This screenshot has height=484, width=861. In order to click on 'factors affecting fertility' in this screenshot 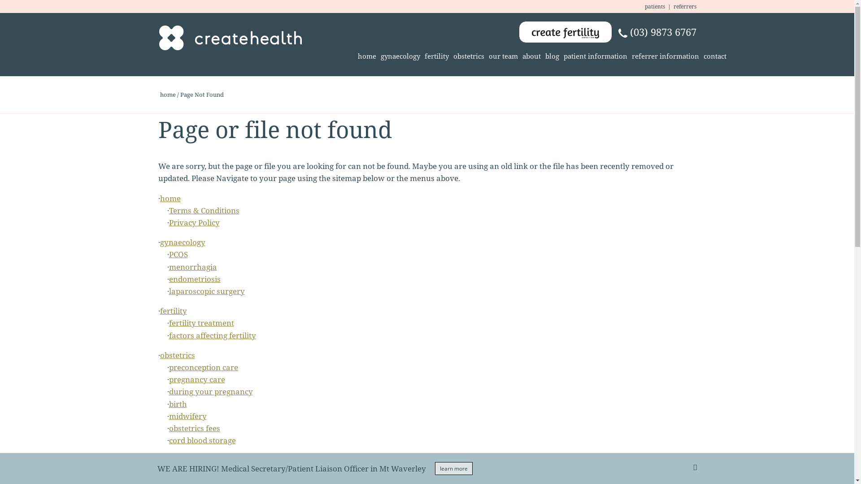, I will do `click(168, 335)`.